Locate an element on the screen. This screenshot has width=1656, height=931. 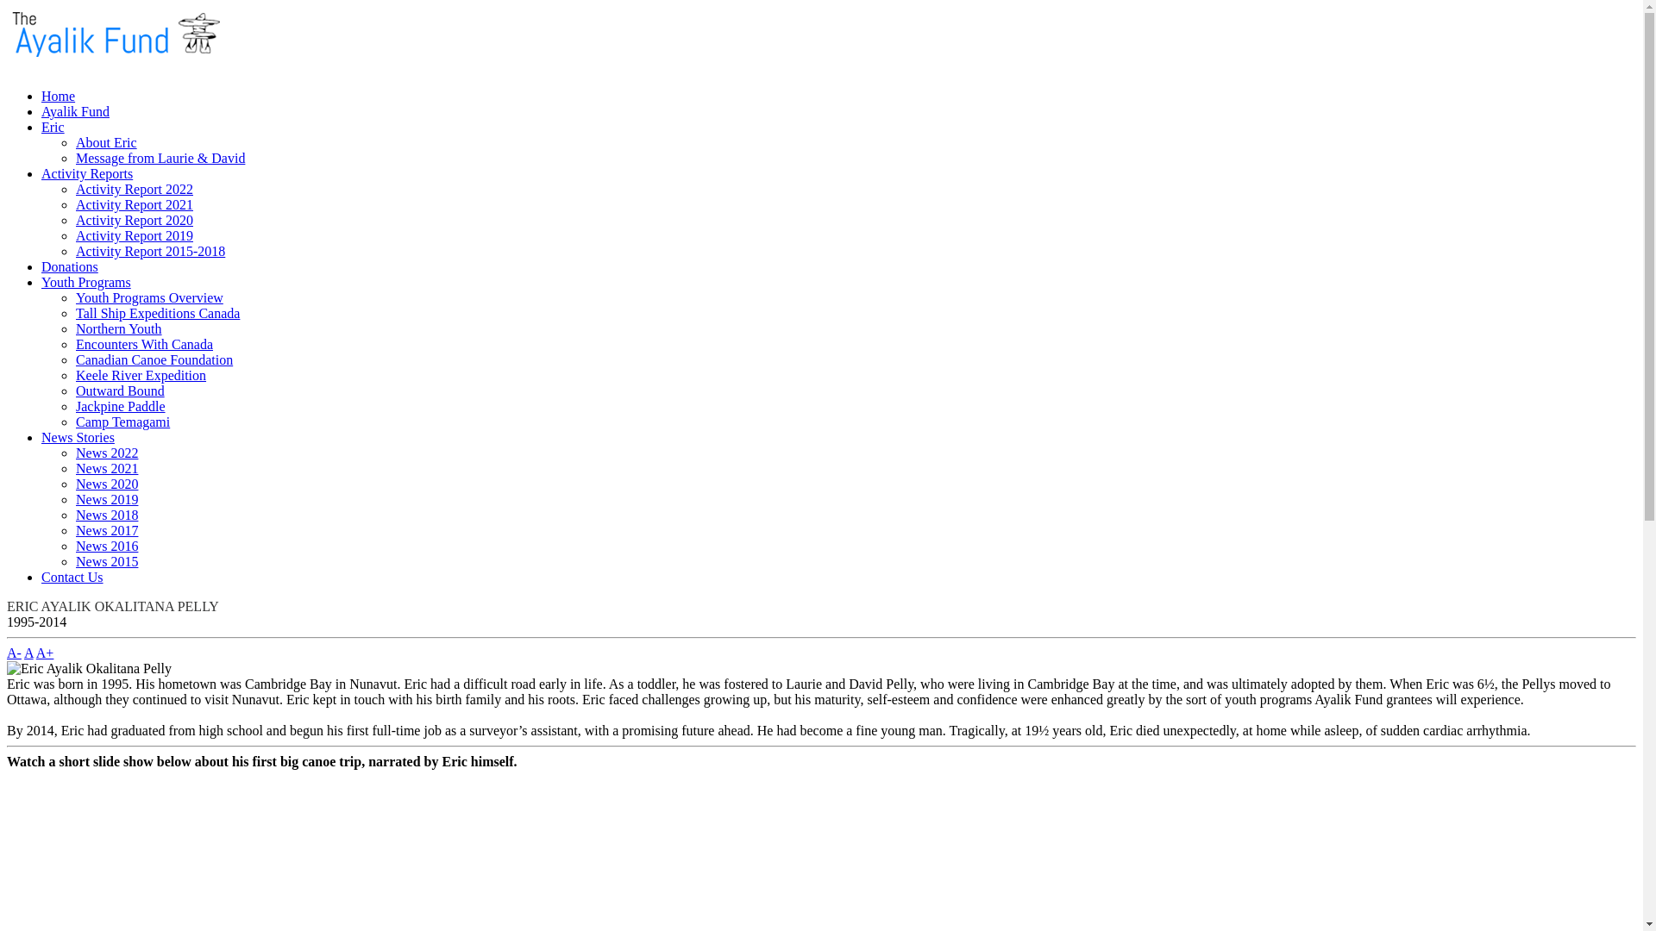
'Activity Reports' is located at coordinates (85, 173).